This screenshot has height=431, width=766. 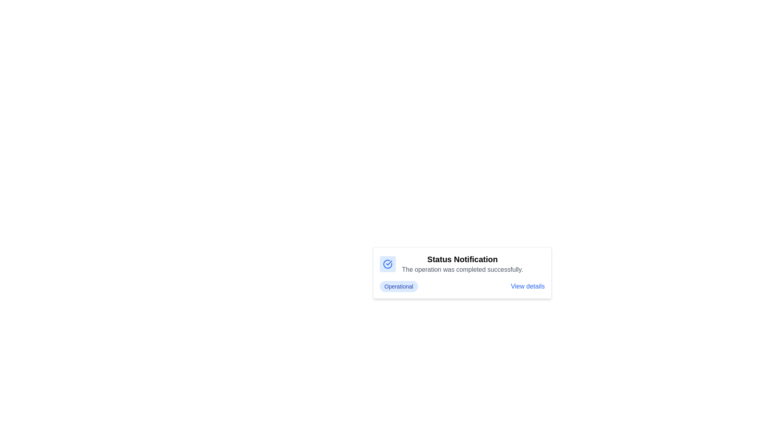 I want to click on the blue icon with a light blue background and a circular checkmark symbol located at the top-left corner of the notification card, adjacent to the title text 'Status Notification', so click(x=387, y=264).